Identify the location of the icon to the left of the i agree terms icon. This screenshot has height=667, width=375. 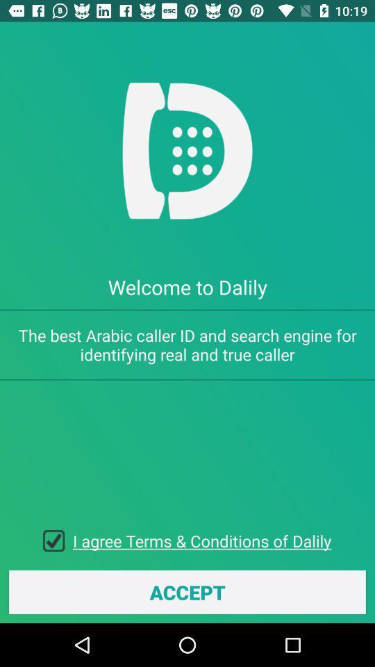
(57, 540).